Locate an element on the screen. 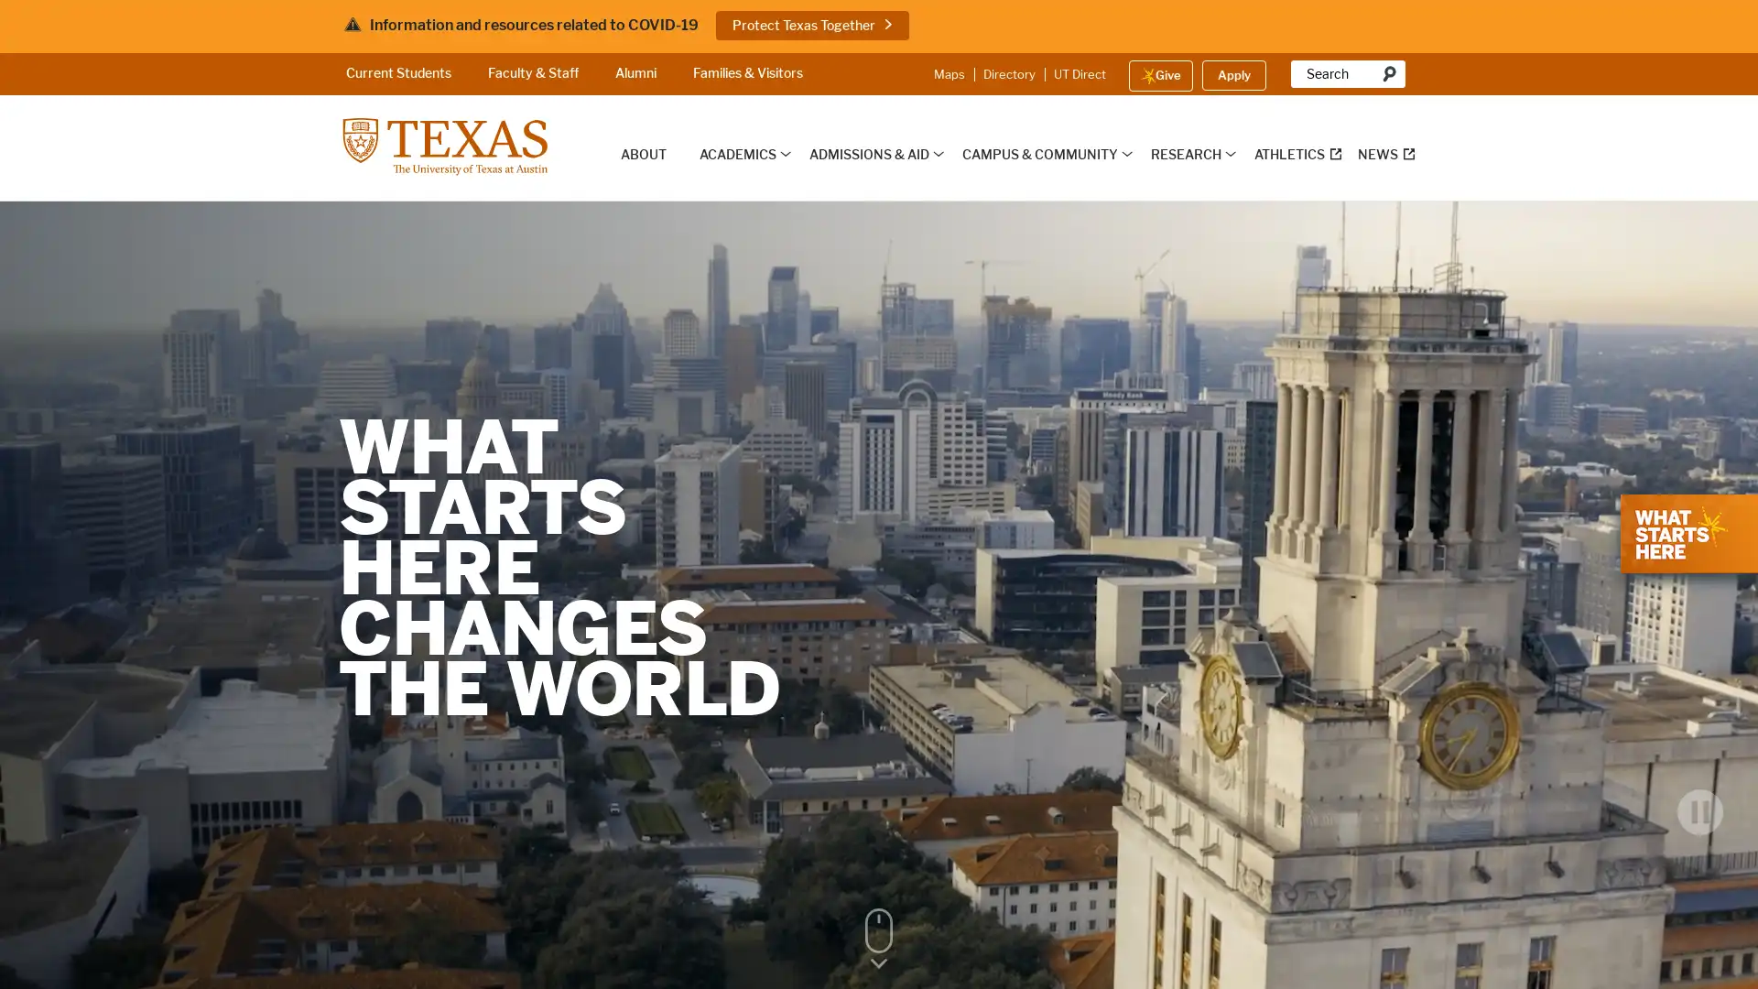 The image size is (1758, 989). Search is located at coordinates (1388, 73).